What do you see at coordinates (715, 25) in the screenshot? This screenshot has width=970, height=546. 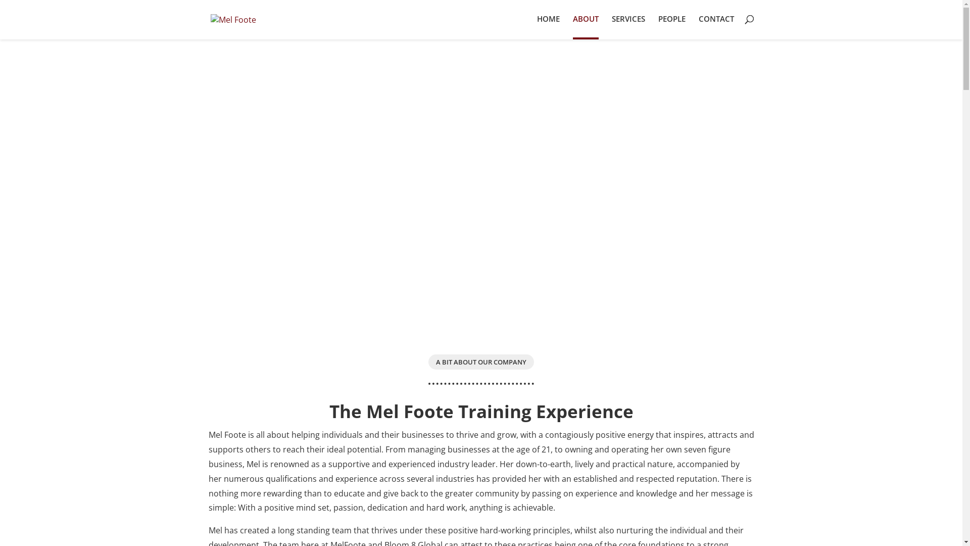 I see `'CONTACT'` at bounding box center [715, 25].